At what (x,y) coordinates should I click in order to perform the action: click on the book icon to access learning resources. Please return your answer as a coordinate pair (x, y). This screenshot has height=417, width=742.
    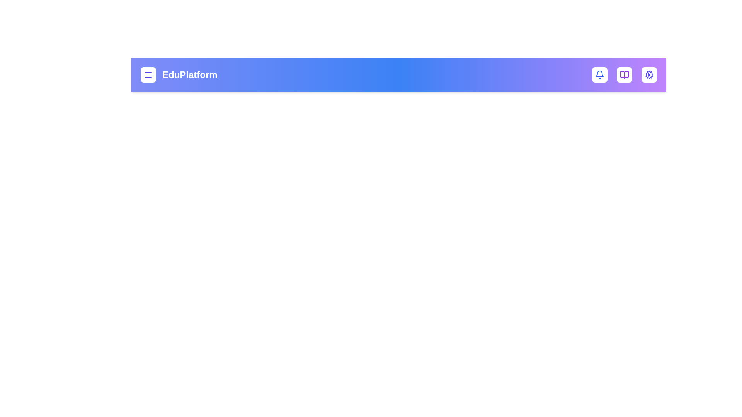
    Looking at the image, I should click on (625, 75).